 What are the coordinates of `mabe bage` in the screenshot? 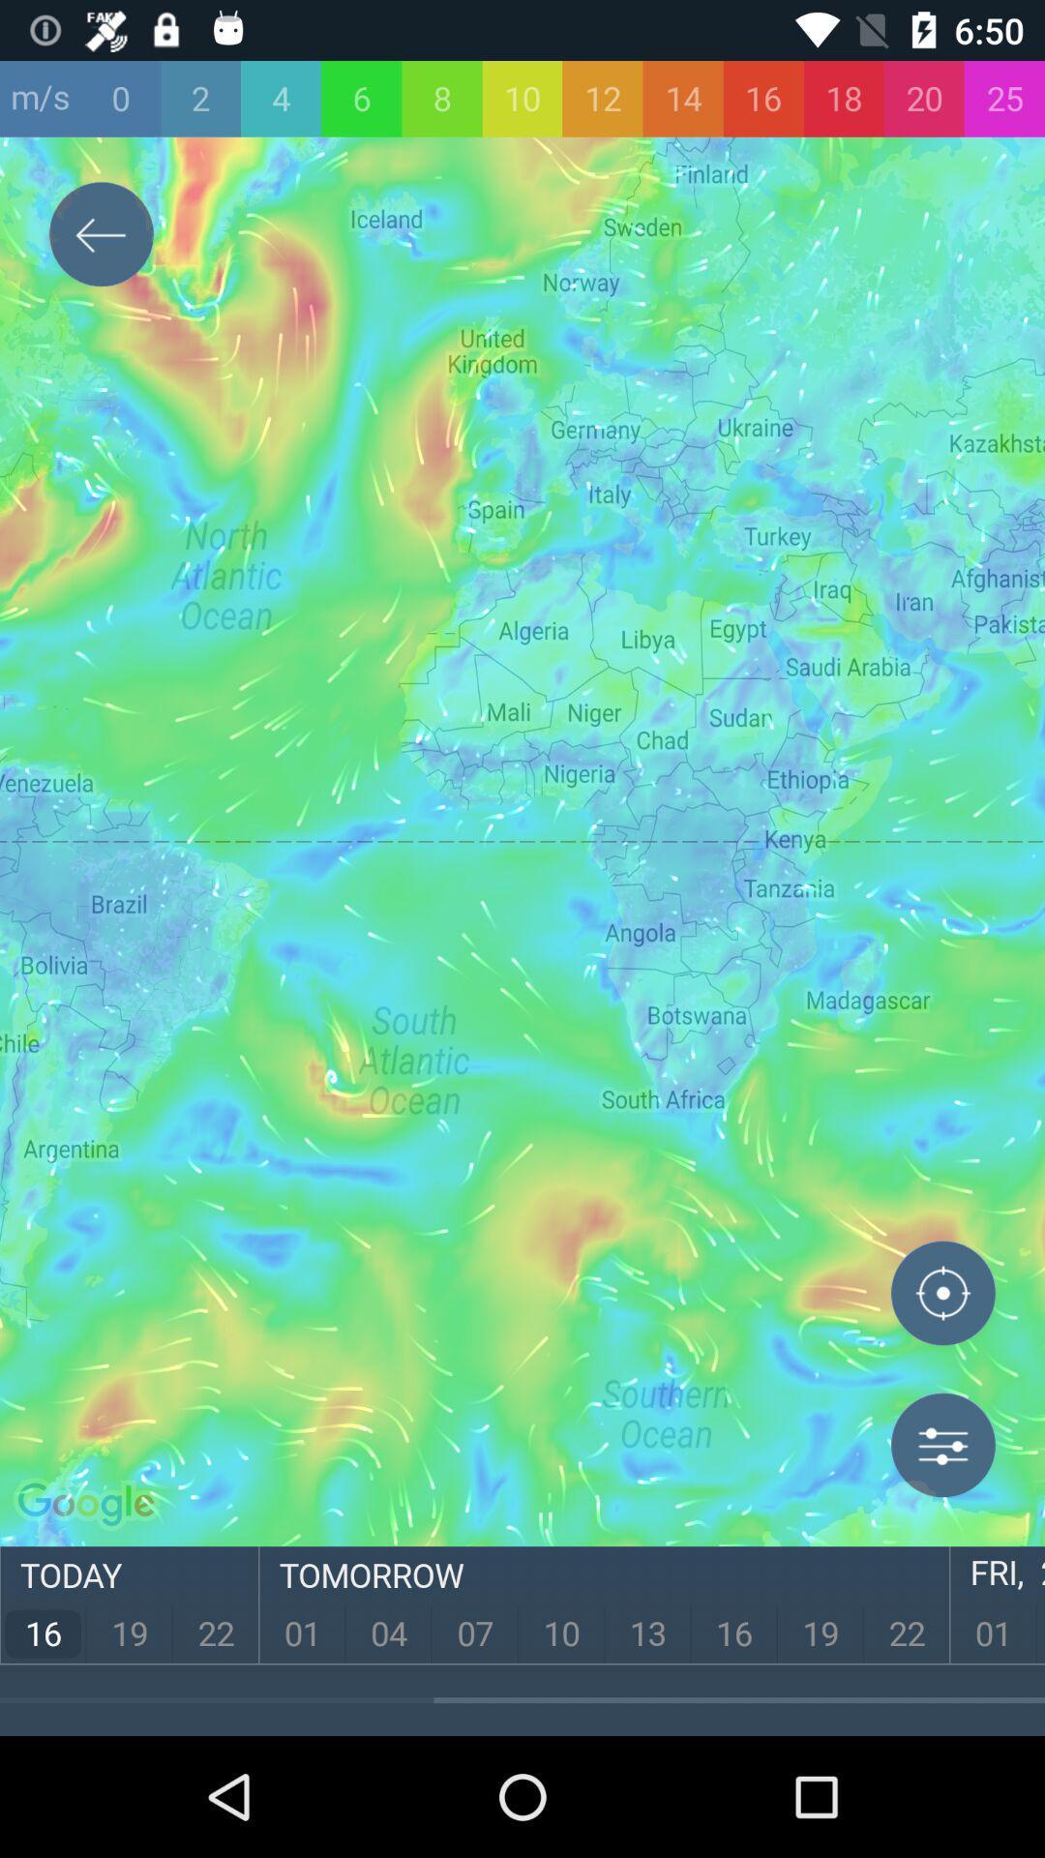 It's located at (942, 1297).